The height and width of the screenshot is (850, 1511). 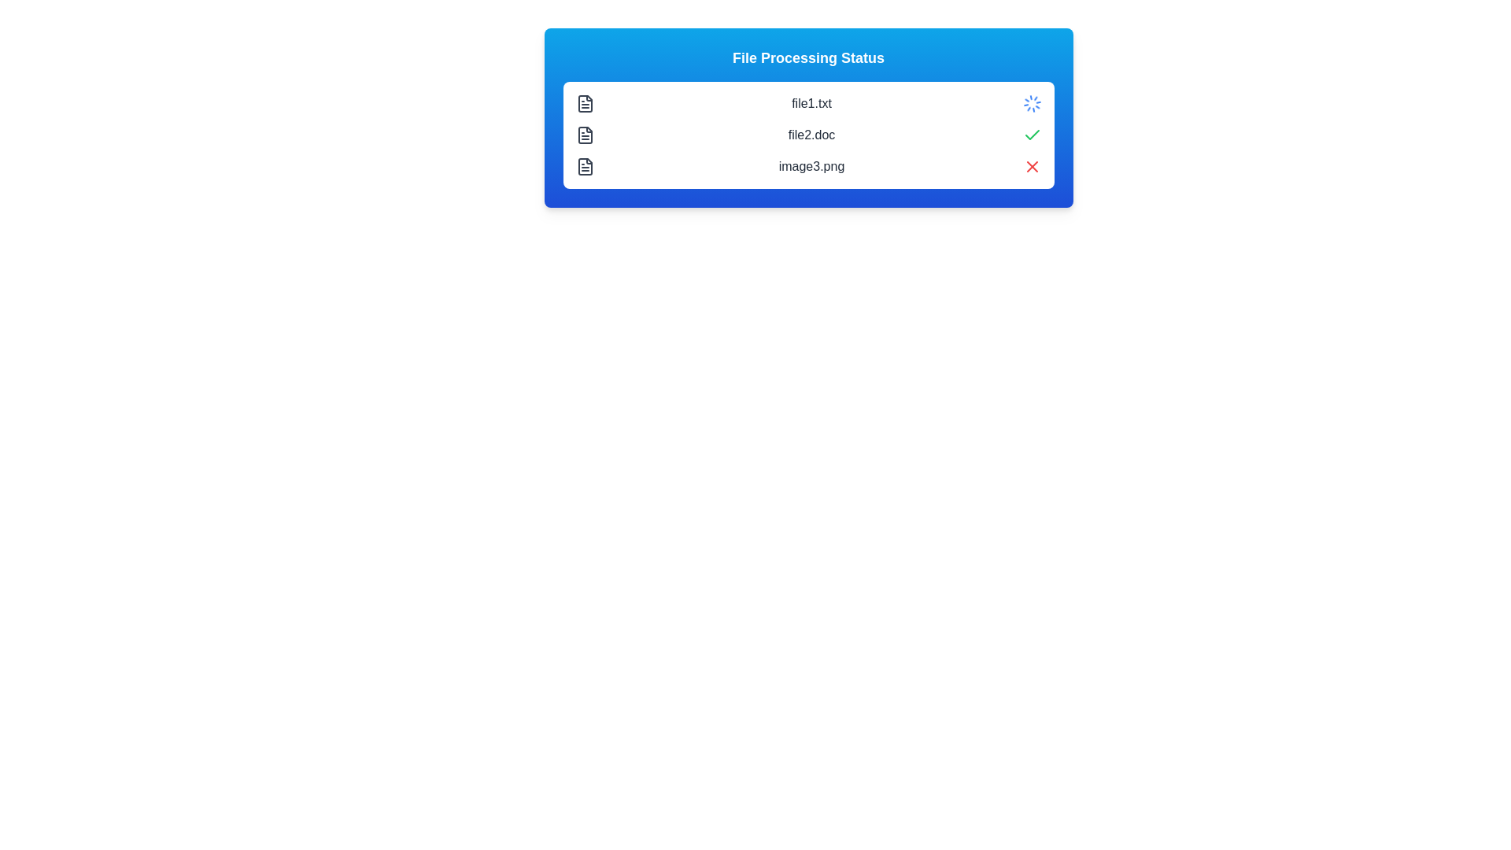 I want to click on the green checkmark icon located to the far right of the row labeled 'file2.doc', which indicates successful processing of the file, so click(x=1032, y=135).